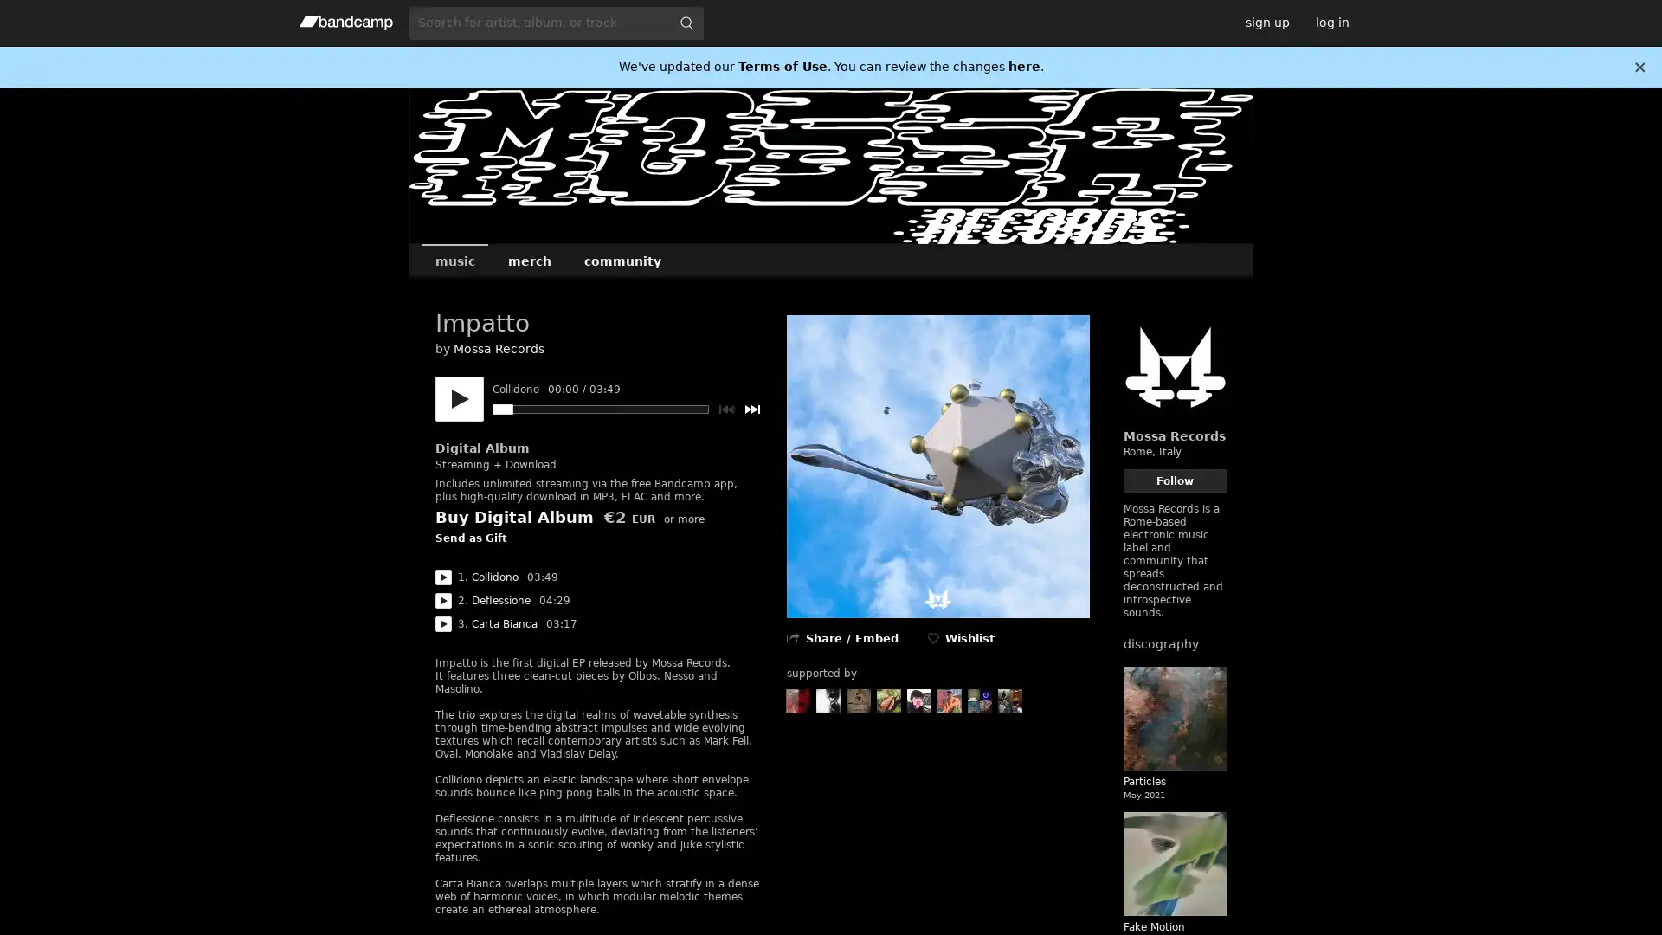 This screenshot has width=1662, height=935. Describe the element at coordinates (751, 409) in the screenshot. I see `Next track` at that location.